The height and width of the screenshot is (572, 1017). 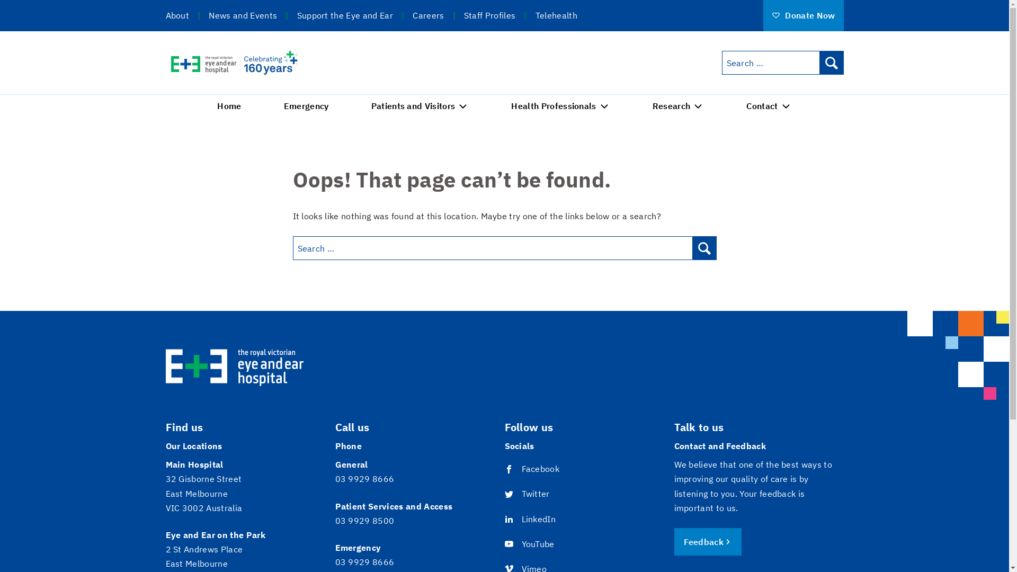 I want to click on 'Facebook', so click(x=503, y=468).